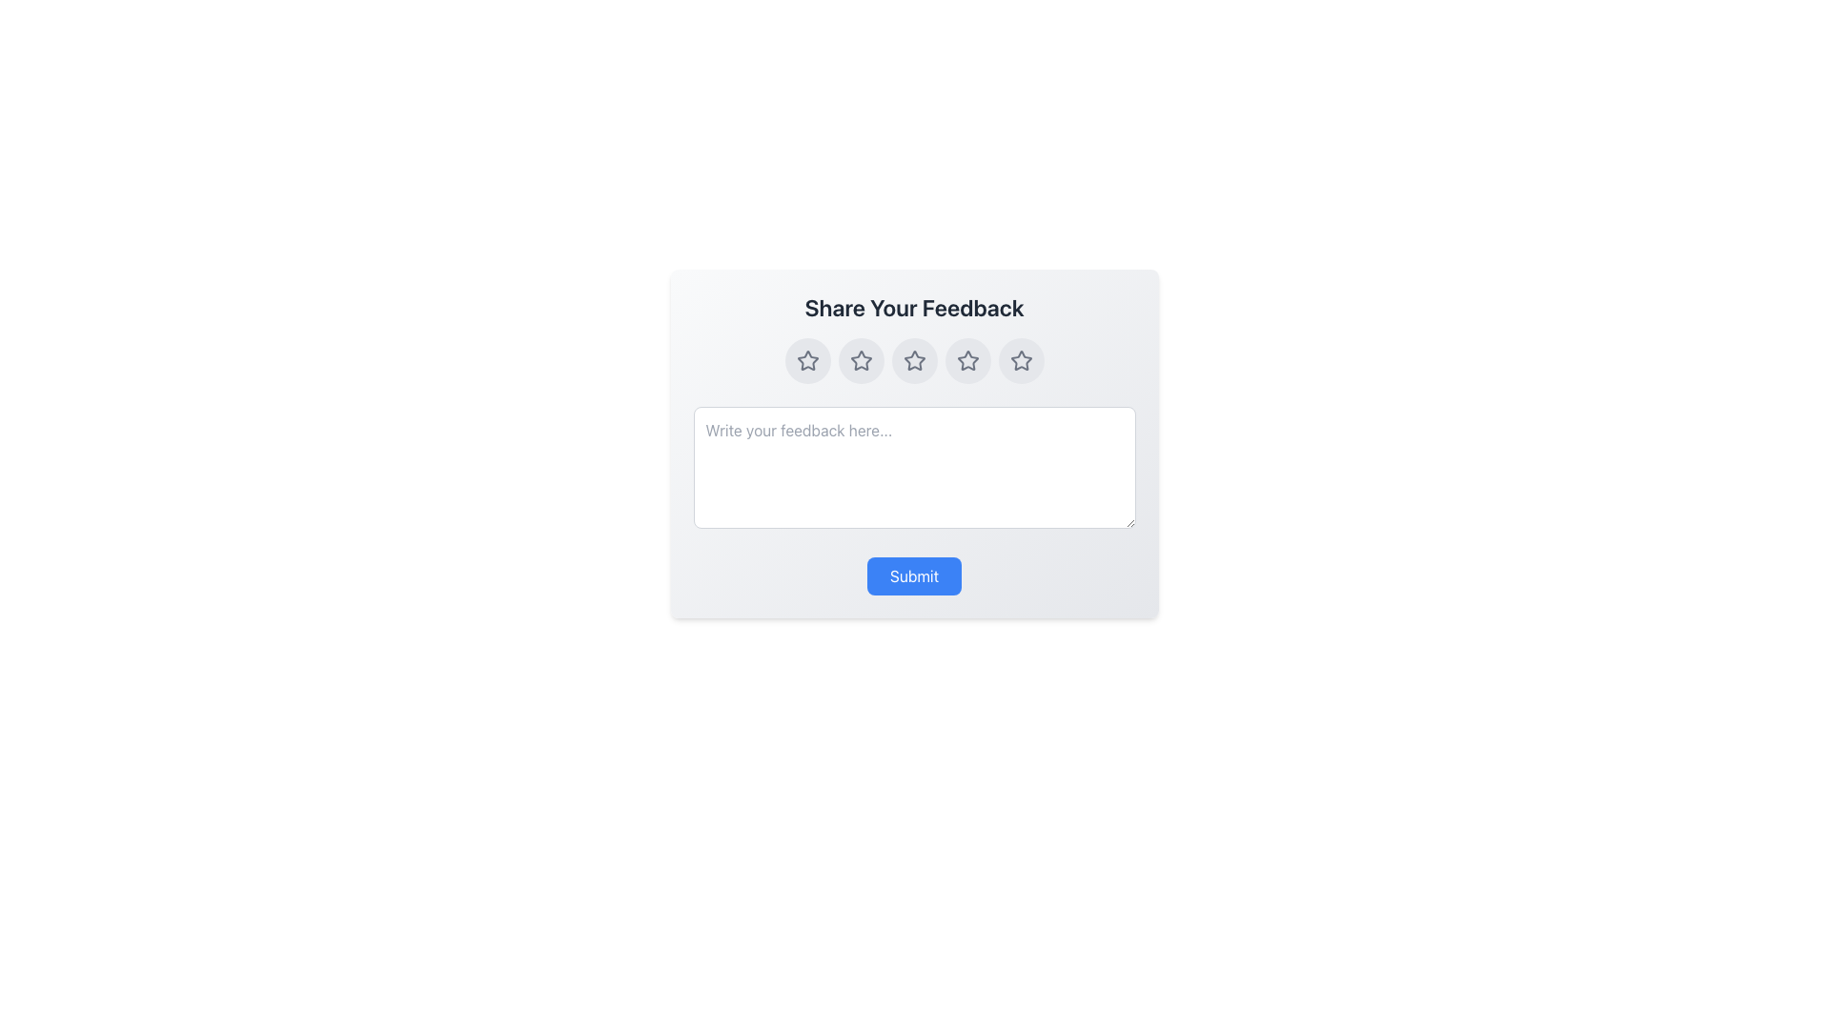  I want to click on the fifth star icon in the star-based rating system located at the far right of the row in the feedback form, so click(1020, 360).